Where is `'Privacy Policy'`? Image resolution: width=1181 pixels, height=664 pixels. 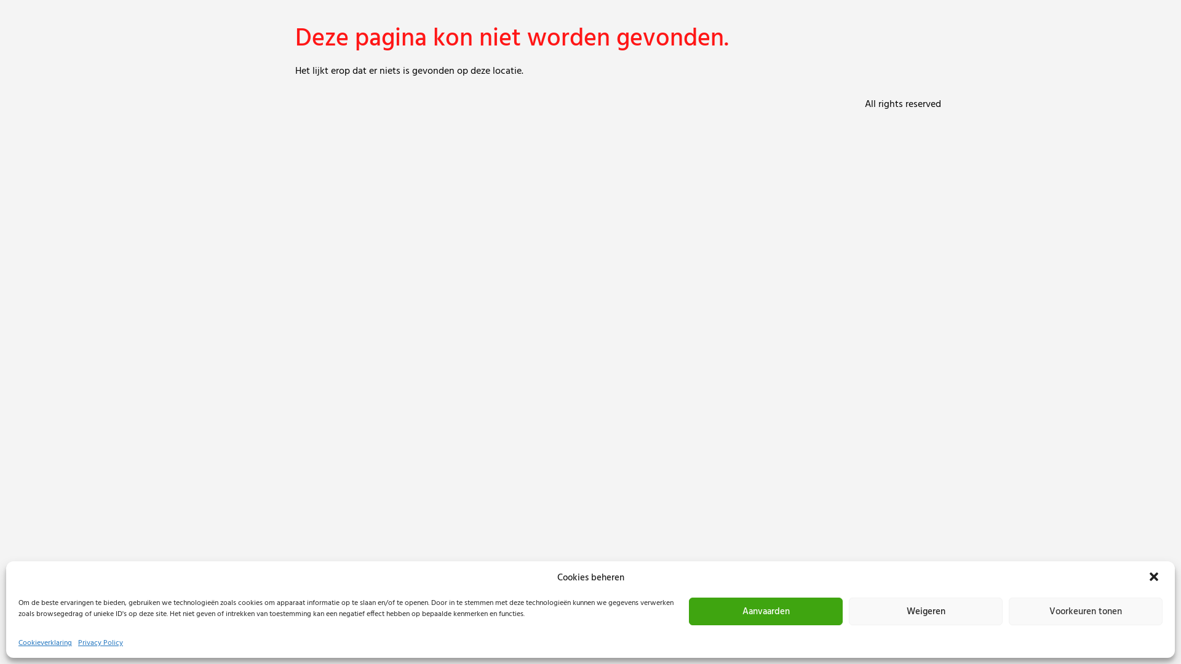 'Privacy Policy' is located at coordinates (100, 642).